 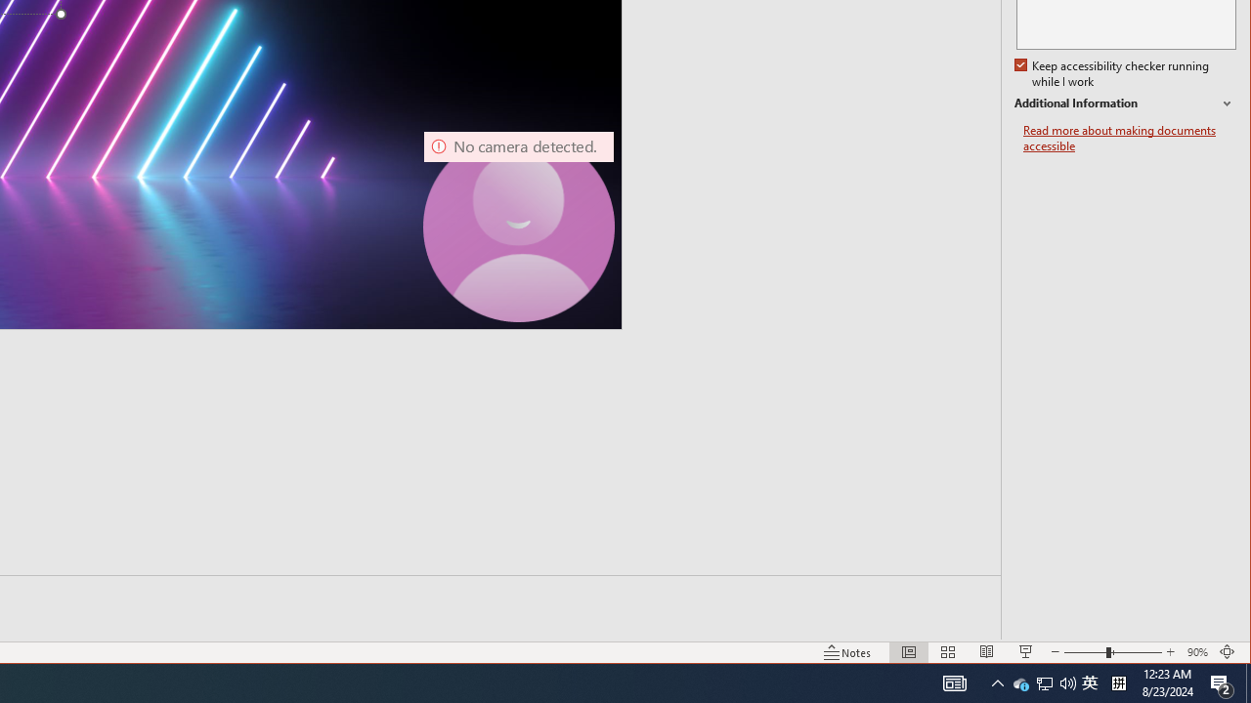 What do you see at coordinates (1125, 103) in the screenshot?
I see `'Additional Information'` at bounding box center [1125, 103].